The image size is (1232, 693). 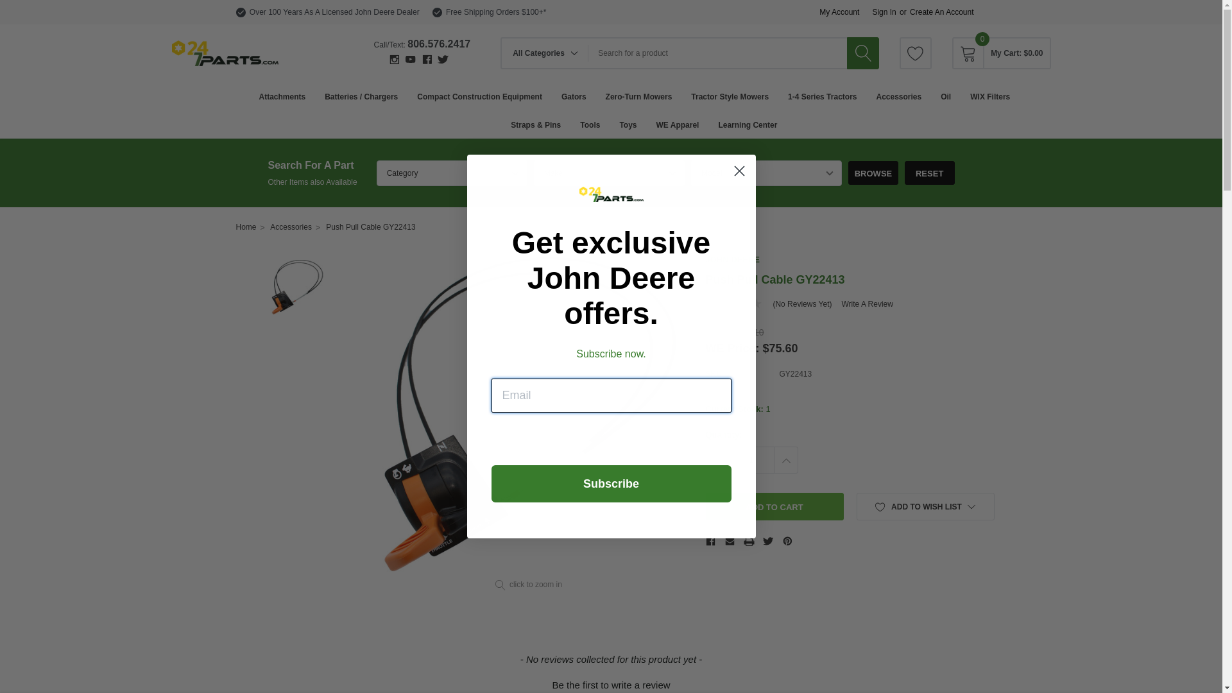 I want to click on '247parts.com', so click(x=225, y=53).